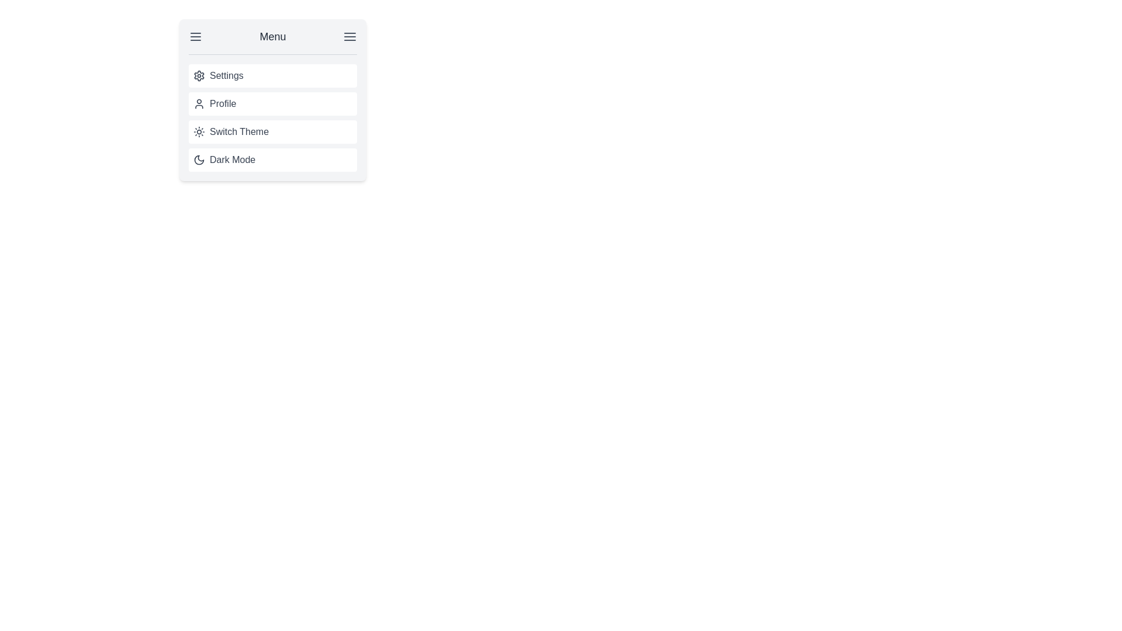 The image size is (1122, 631). Describe the element at coordinates (238, 131) in the screenshot. I see `the 'Switch Theme' text label in the menu, which is the third item in a vertical list containing options including 'Profile' above and 'Dark Mode' below` at that location.